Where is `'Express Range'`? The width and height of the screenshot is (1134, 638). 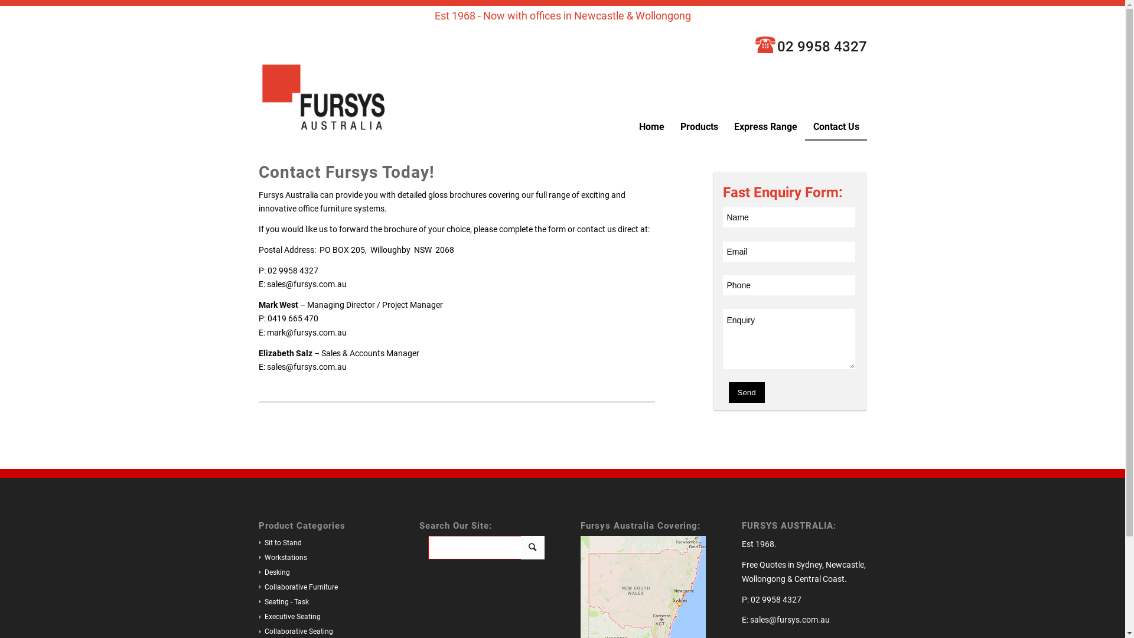 'Express Range' is located at coordinates (765, 126).